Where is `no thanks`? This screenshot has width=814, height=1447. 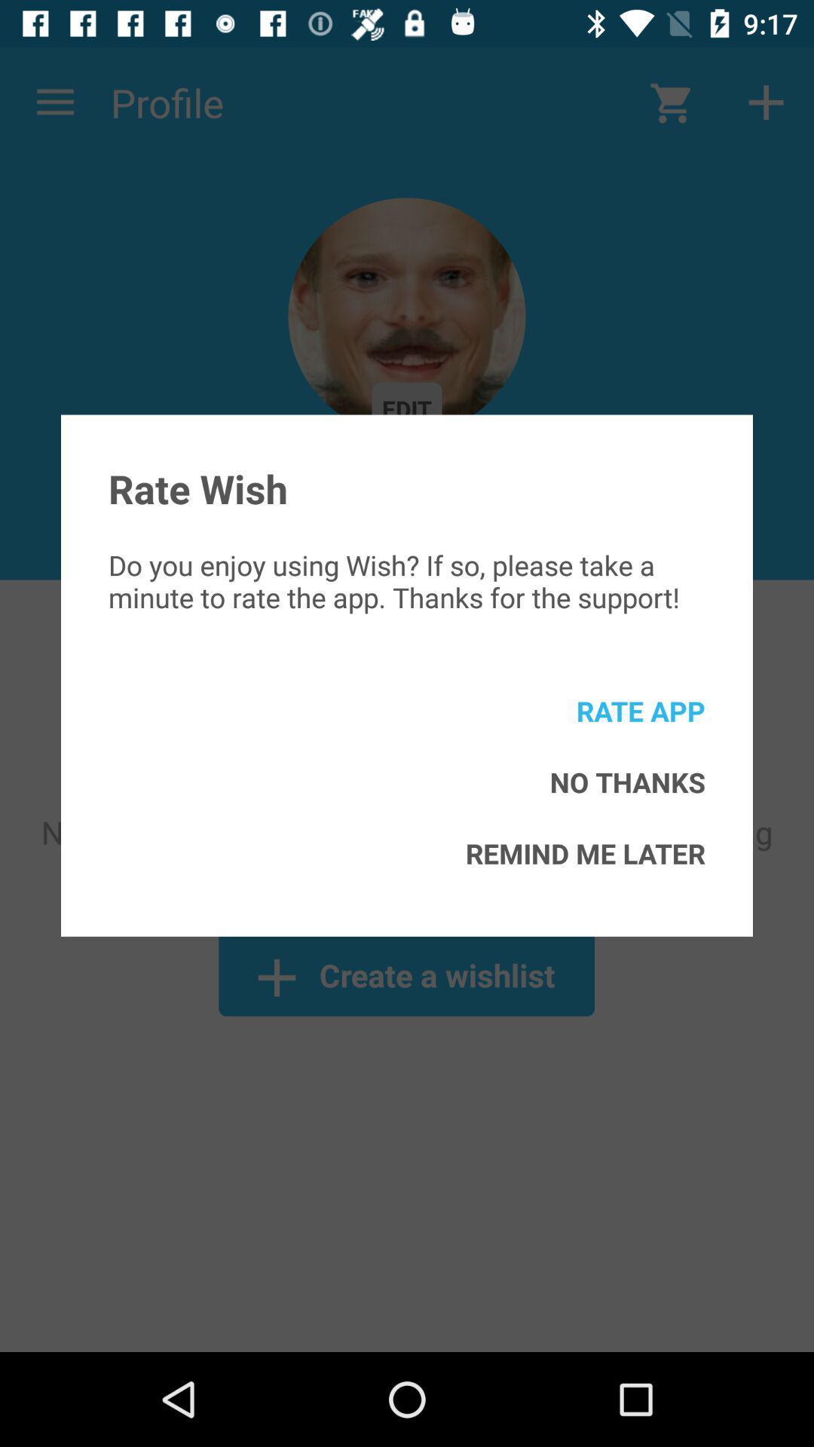 no thanks is located at coordinates (627, 782).